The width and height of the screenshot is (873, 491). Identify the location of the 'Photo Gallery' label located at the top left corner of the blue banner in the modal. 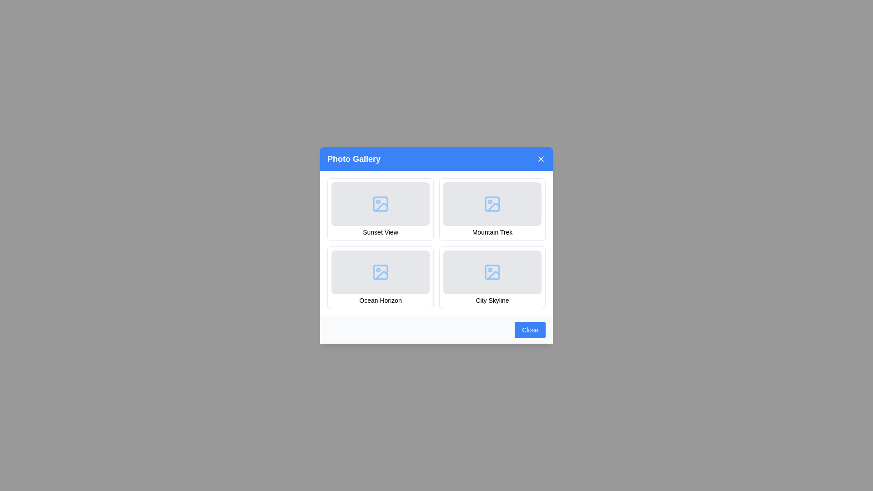
(353, 159).